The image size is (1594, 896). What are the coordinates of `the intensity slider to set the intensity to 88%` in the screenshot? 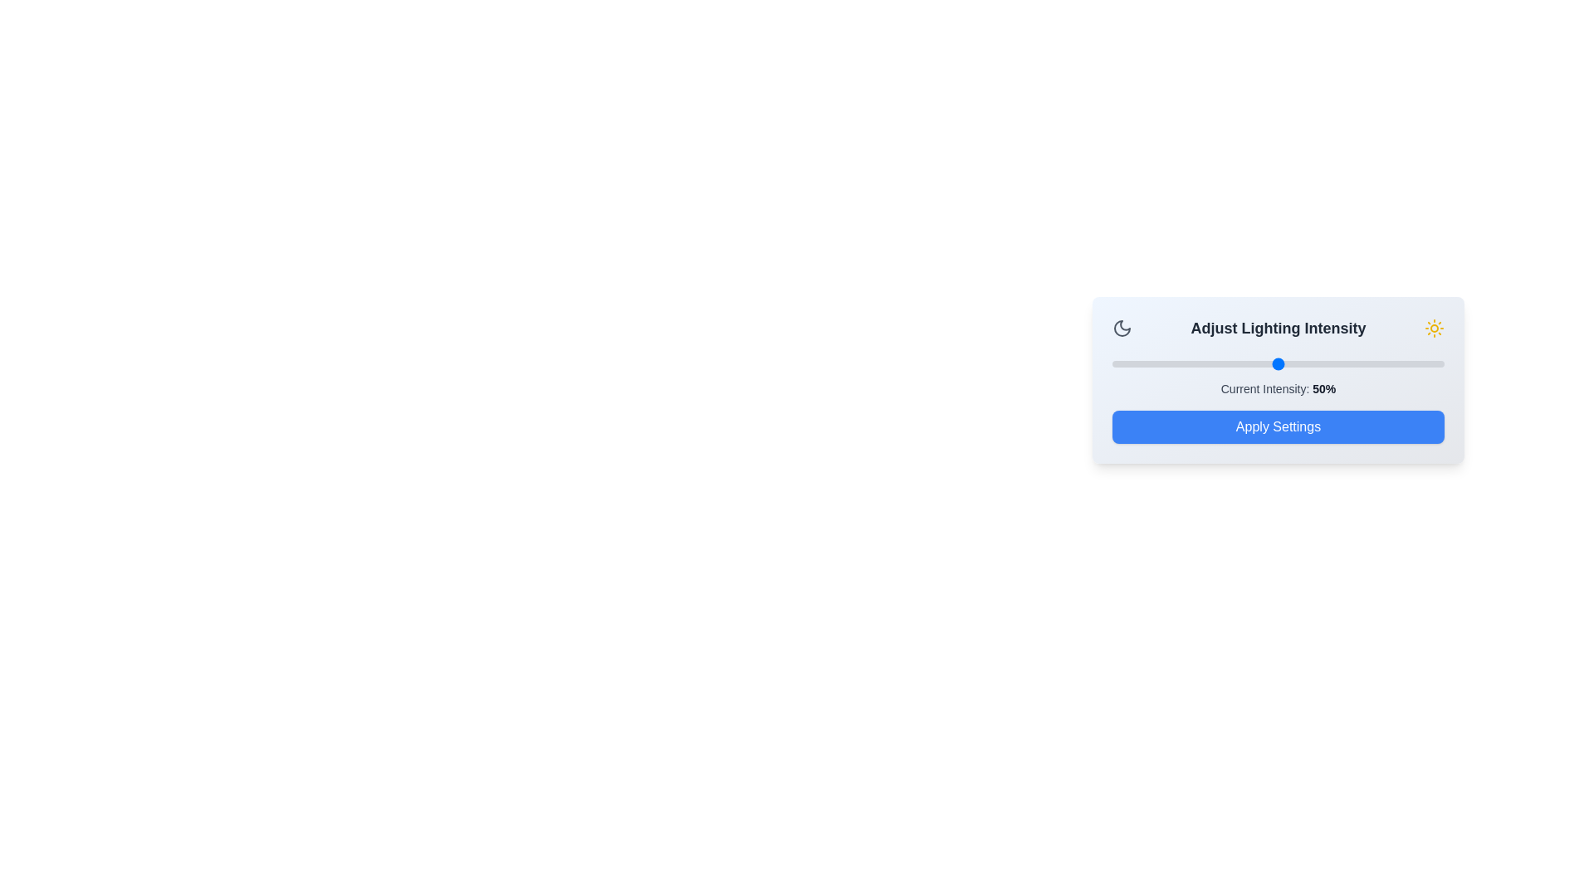 It's located at (1403, 363).